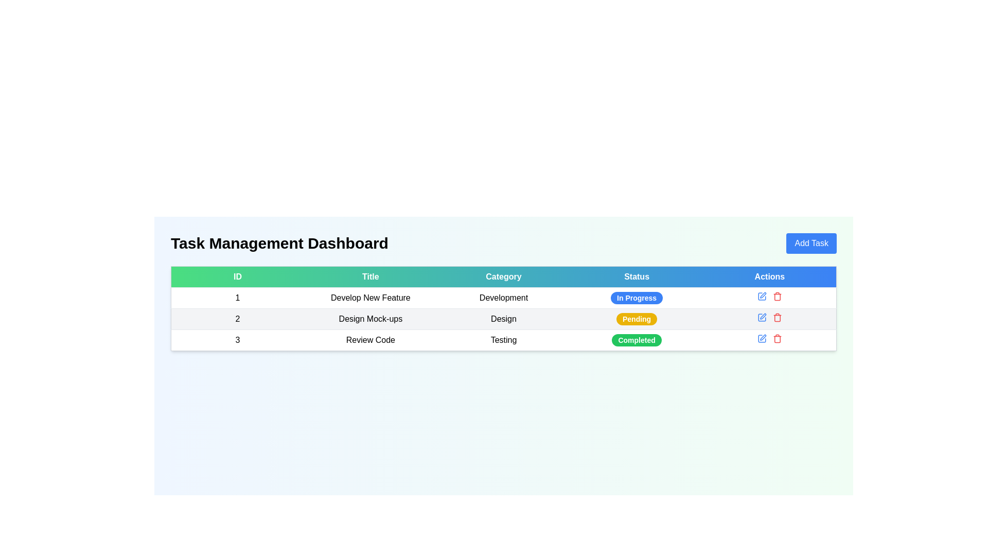 This screenshot has height=556, width=988. I want to click on the edit button represented by the pen icon in the 'Actions' column of the 'Review Code' task, so click(763, 337).